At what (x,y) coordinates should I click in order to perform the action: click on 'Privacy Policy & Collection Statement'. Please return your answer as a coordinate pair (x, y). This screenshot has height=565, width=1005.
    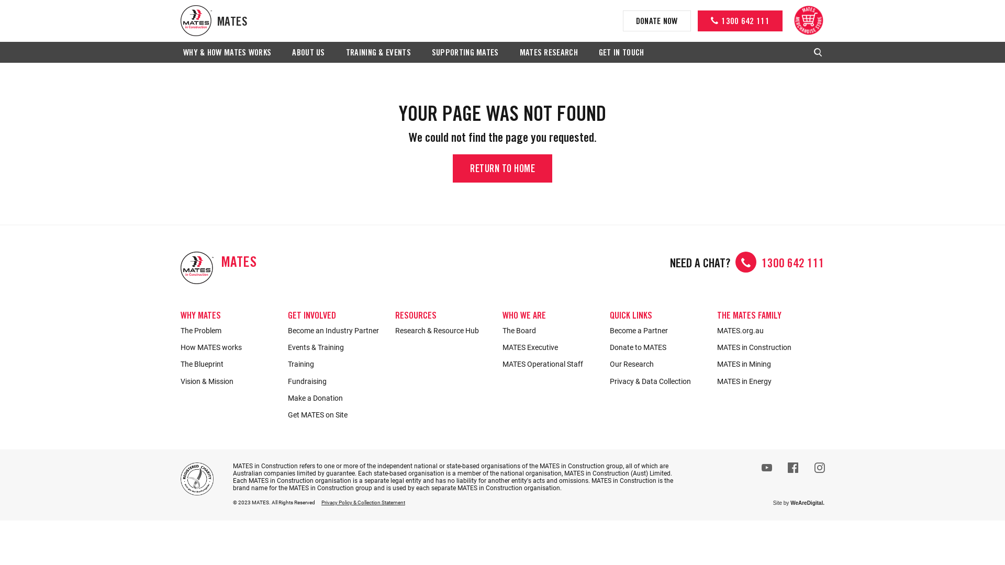
    Looking at the image, I should click on (363, 502).